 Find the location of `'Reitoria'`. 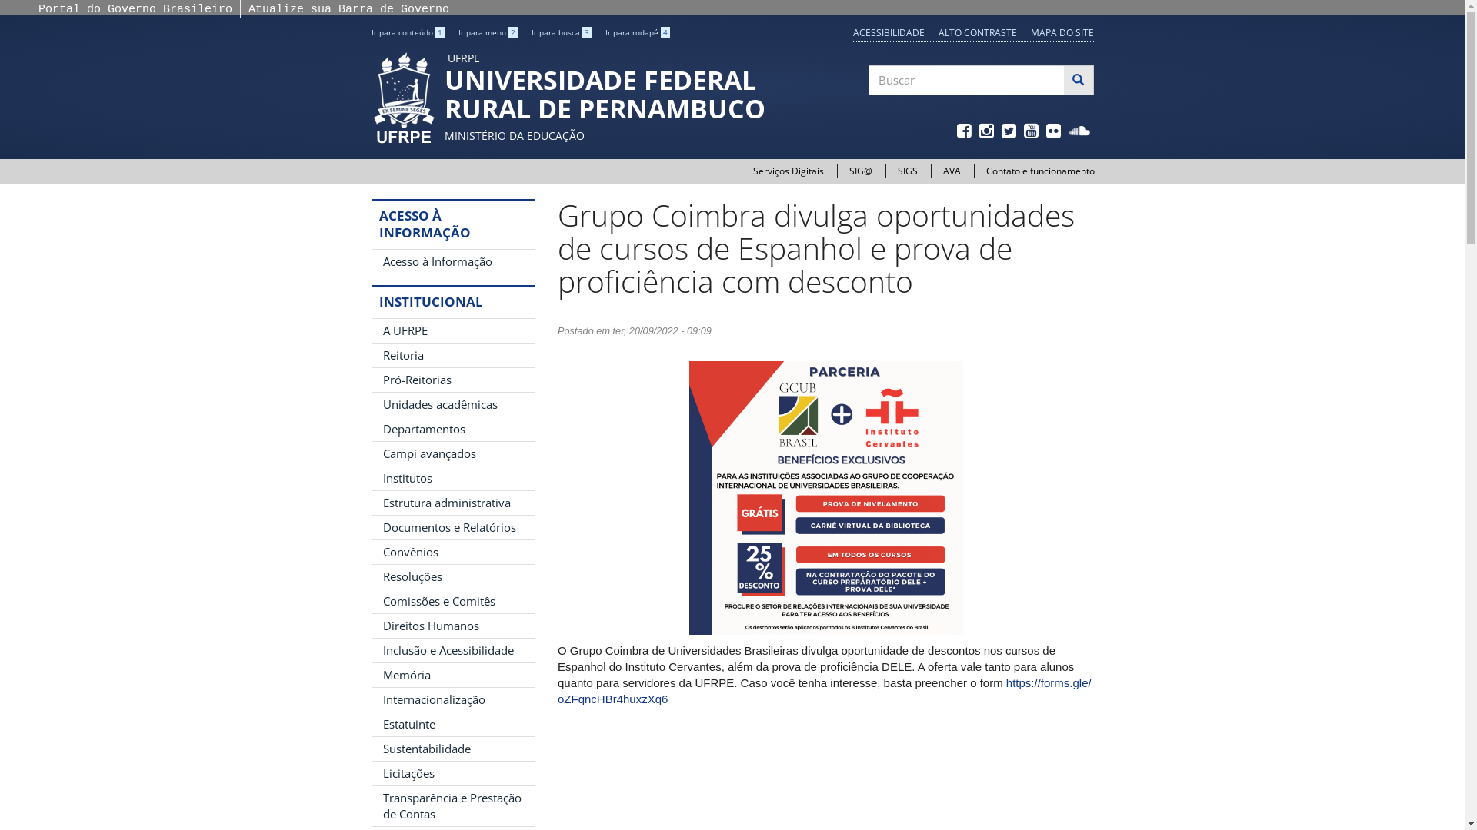

'Reitoria' is located at coordinates (452, 355).